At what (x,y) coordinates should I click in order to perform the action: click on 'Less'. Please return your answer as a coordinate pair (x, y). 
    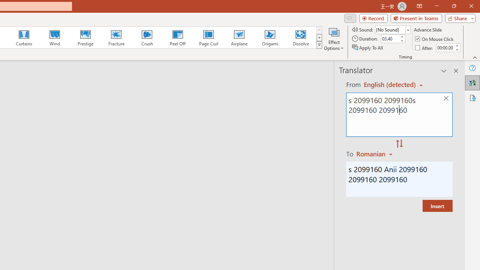
    Looking at the image, I should click on (456, 49).